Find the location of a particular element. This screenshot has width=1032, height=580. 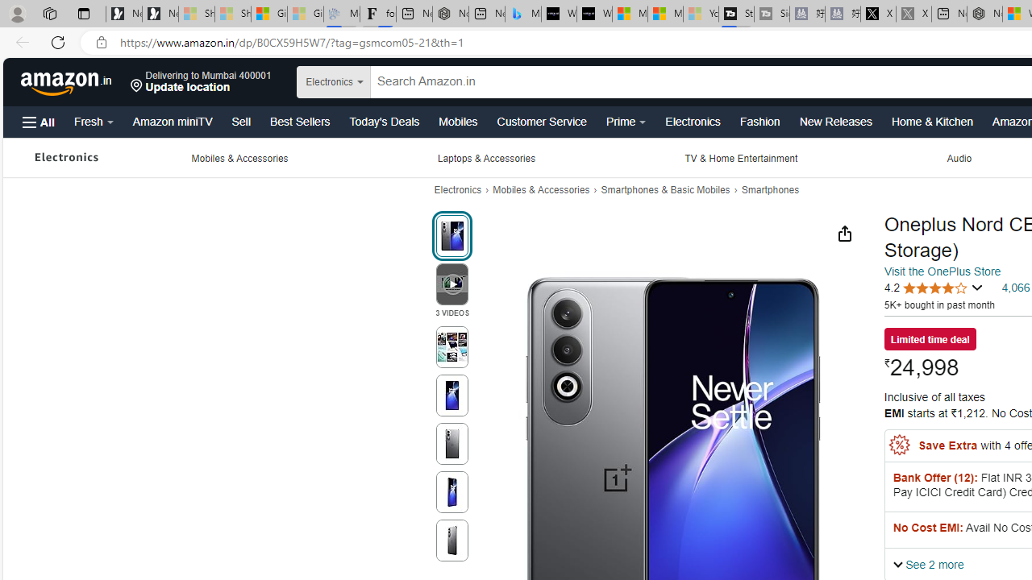

'Savings indicator icon' is located at coordinates (899, 445).